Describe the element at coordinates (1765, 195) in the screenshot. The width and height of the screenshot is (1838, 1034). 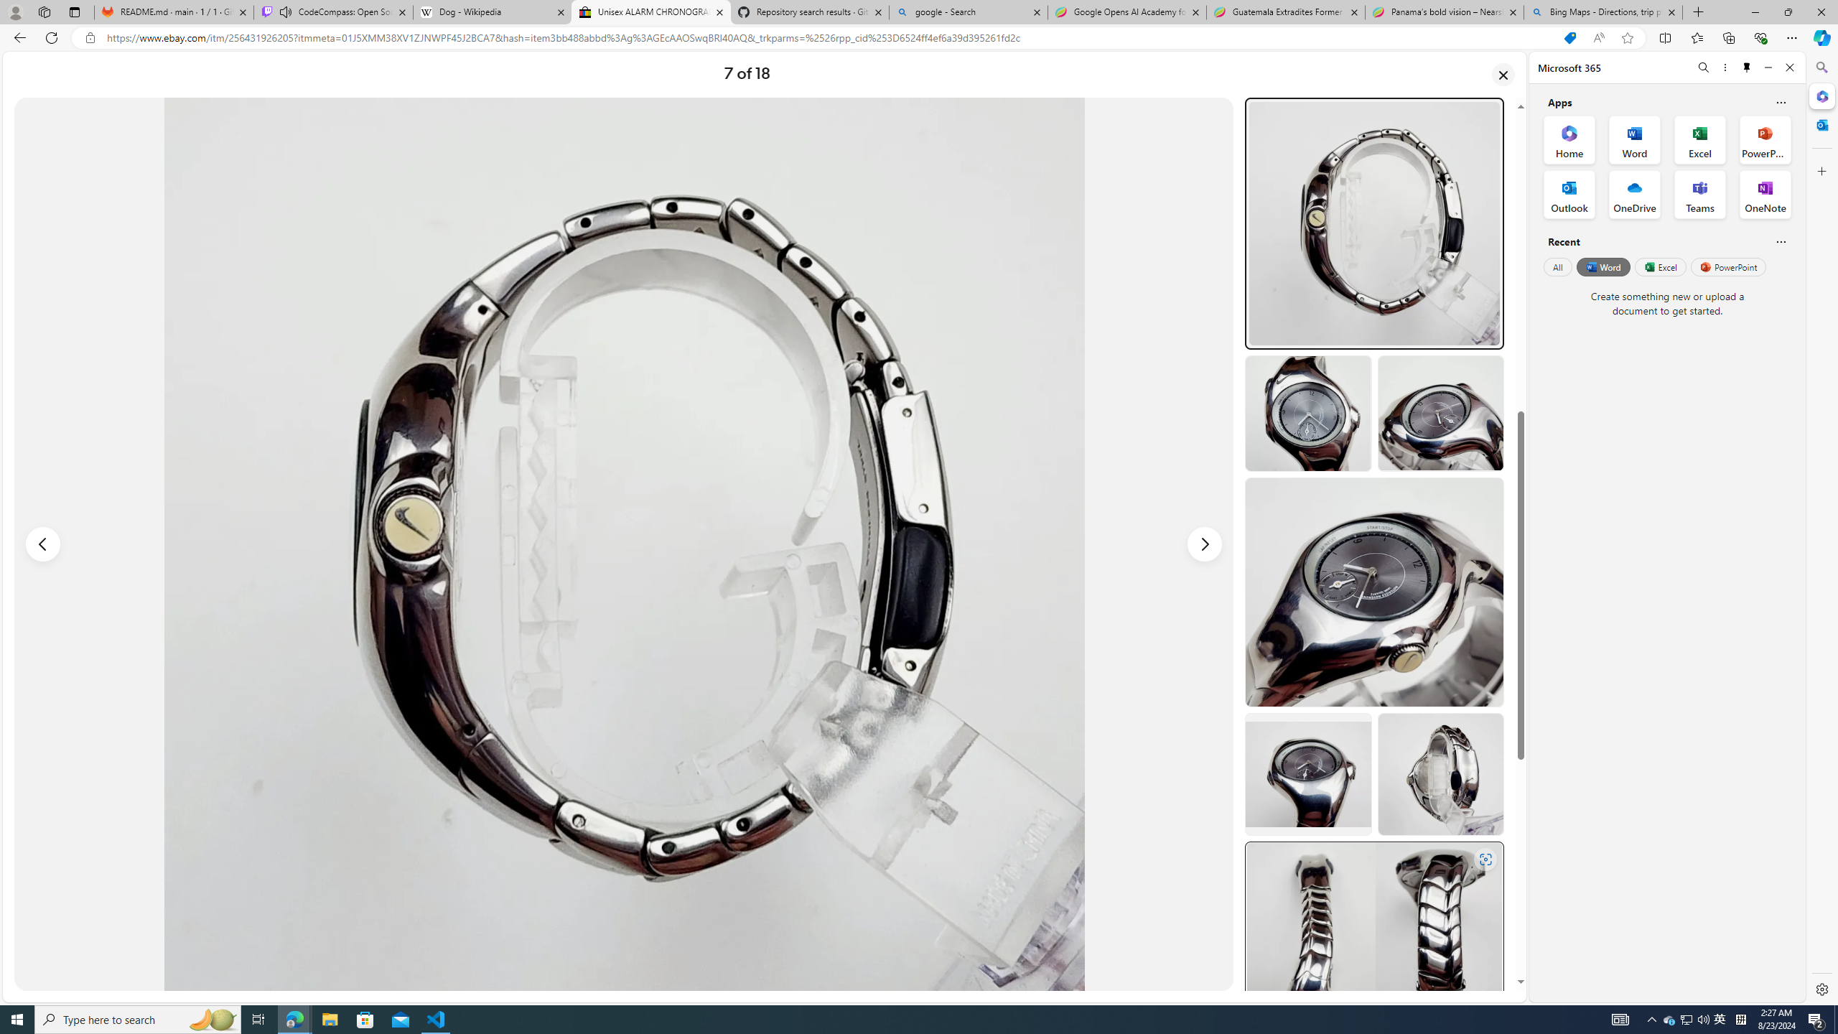
I see `'OneNote Office App'` at that location.